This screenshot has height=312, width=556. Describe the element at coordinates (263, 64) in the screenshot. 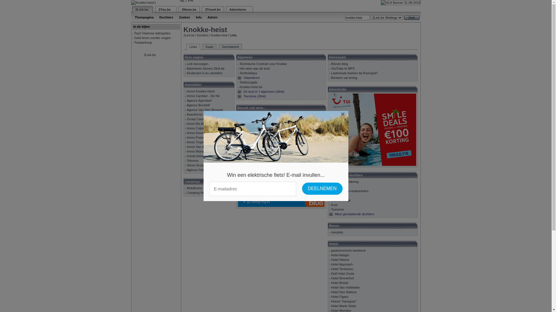

I see `'Technische Controle voor Knokke'` at that location.